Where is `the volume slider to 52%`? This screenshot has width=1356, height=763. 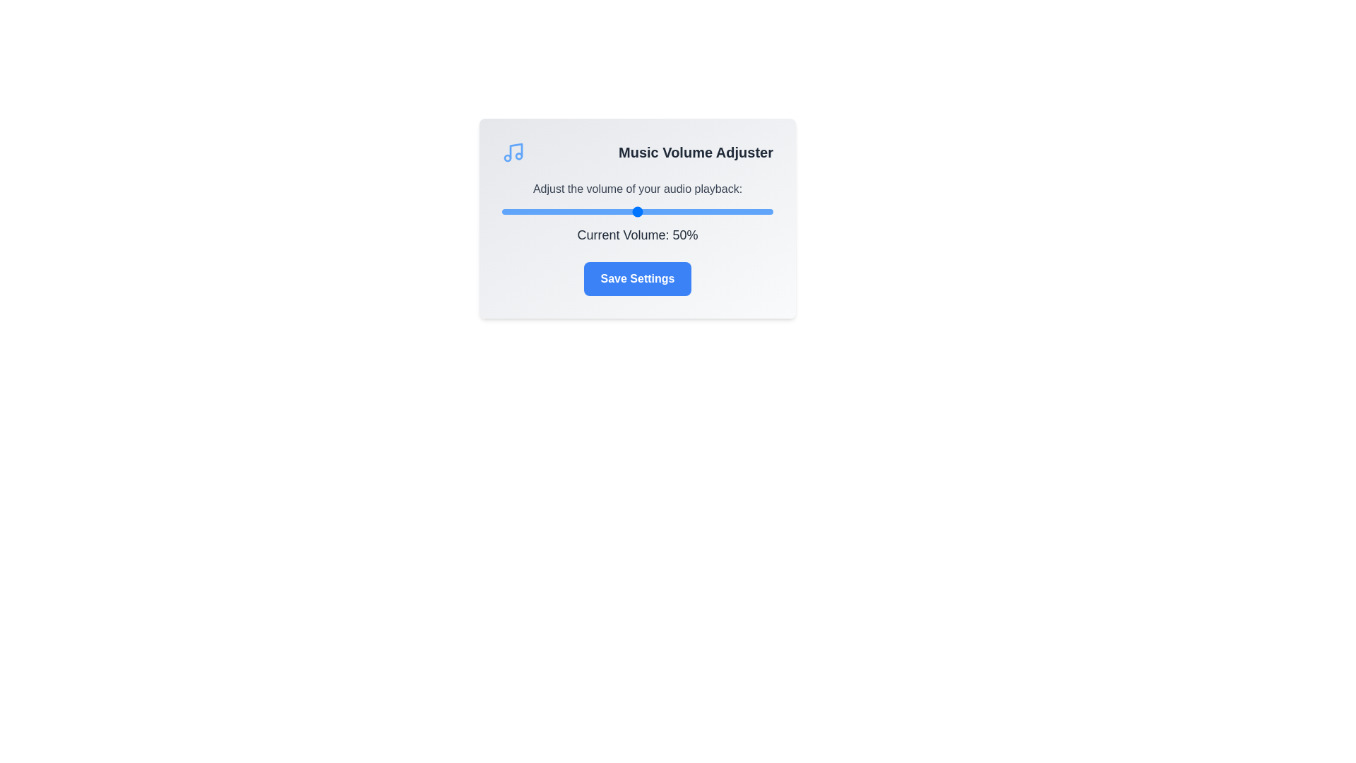
the volume slider to 52% is located at coordinates (642, 212).